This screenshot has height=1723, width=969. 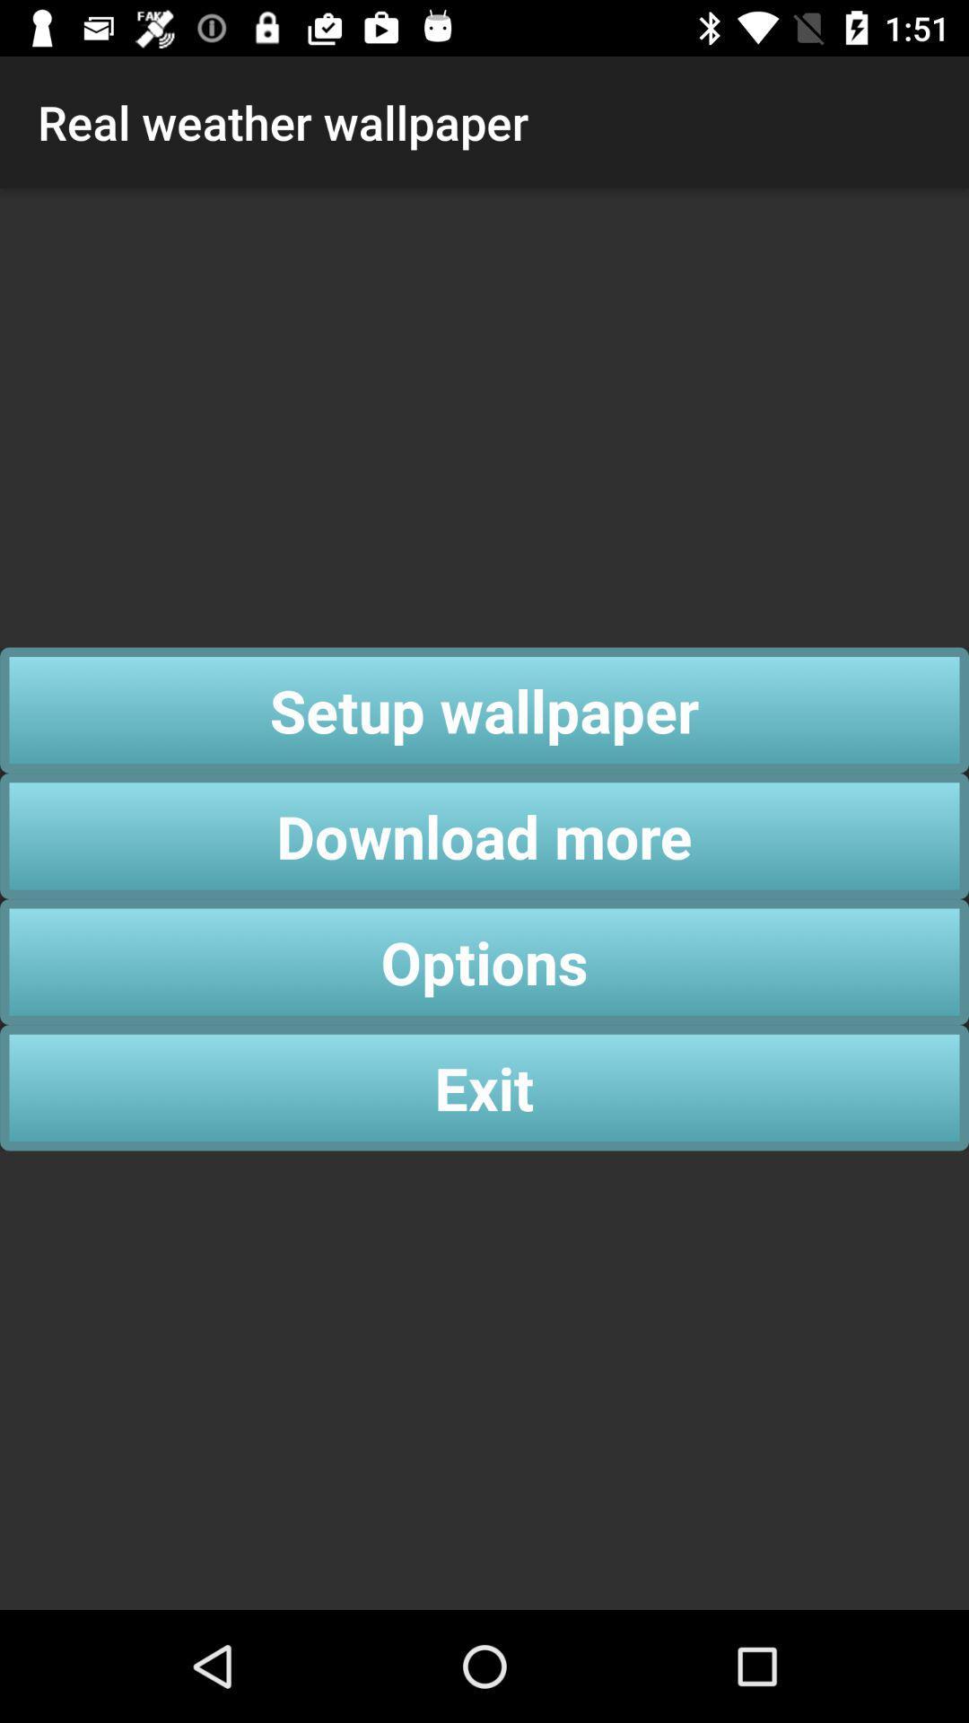 What do you see at coordinates (484, 1087) in the screenshot?
I see `exit` at bounding box center [484, 1087].